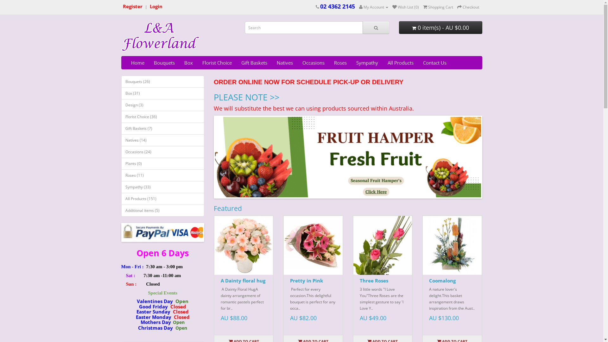  Describe the element at coordinates (121, 93) in the screenshot. I see `'Box (31)'` at that location.